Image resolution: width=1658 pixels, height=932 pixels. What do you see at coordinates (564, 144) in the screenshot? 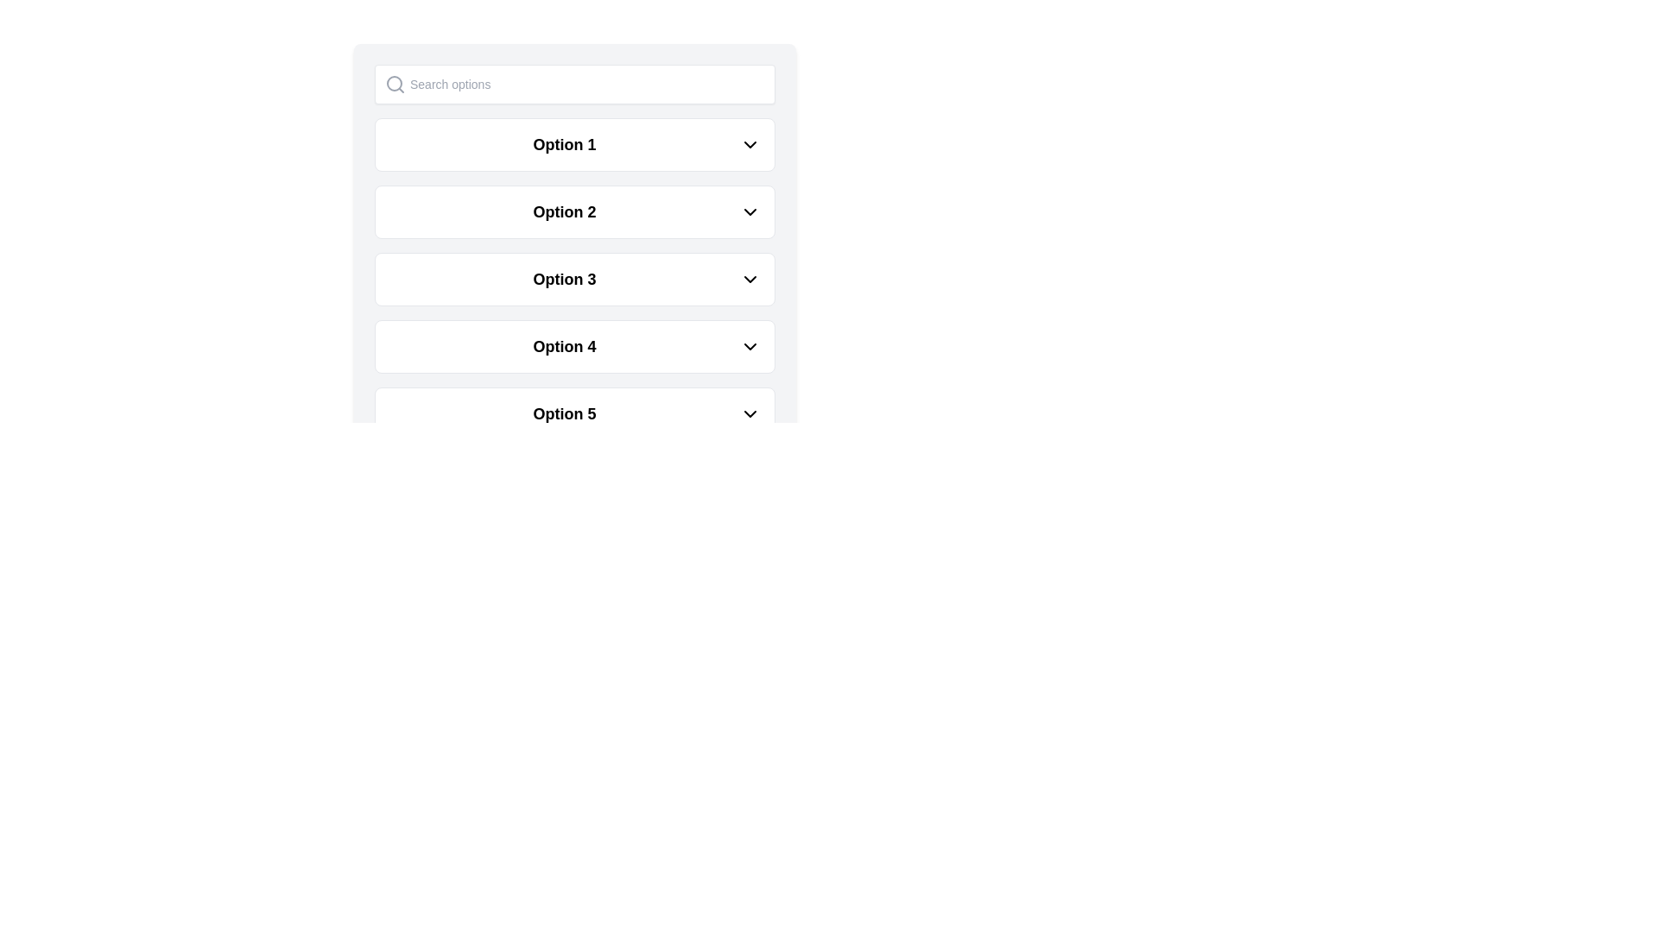
I see `the text label of the first option in the dropdown menu` at bounding box center [564, 144].